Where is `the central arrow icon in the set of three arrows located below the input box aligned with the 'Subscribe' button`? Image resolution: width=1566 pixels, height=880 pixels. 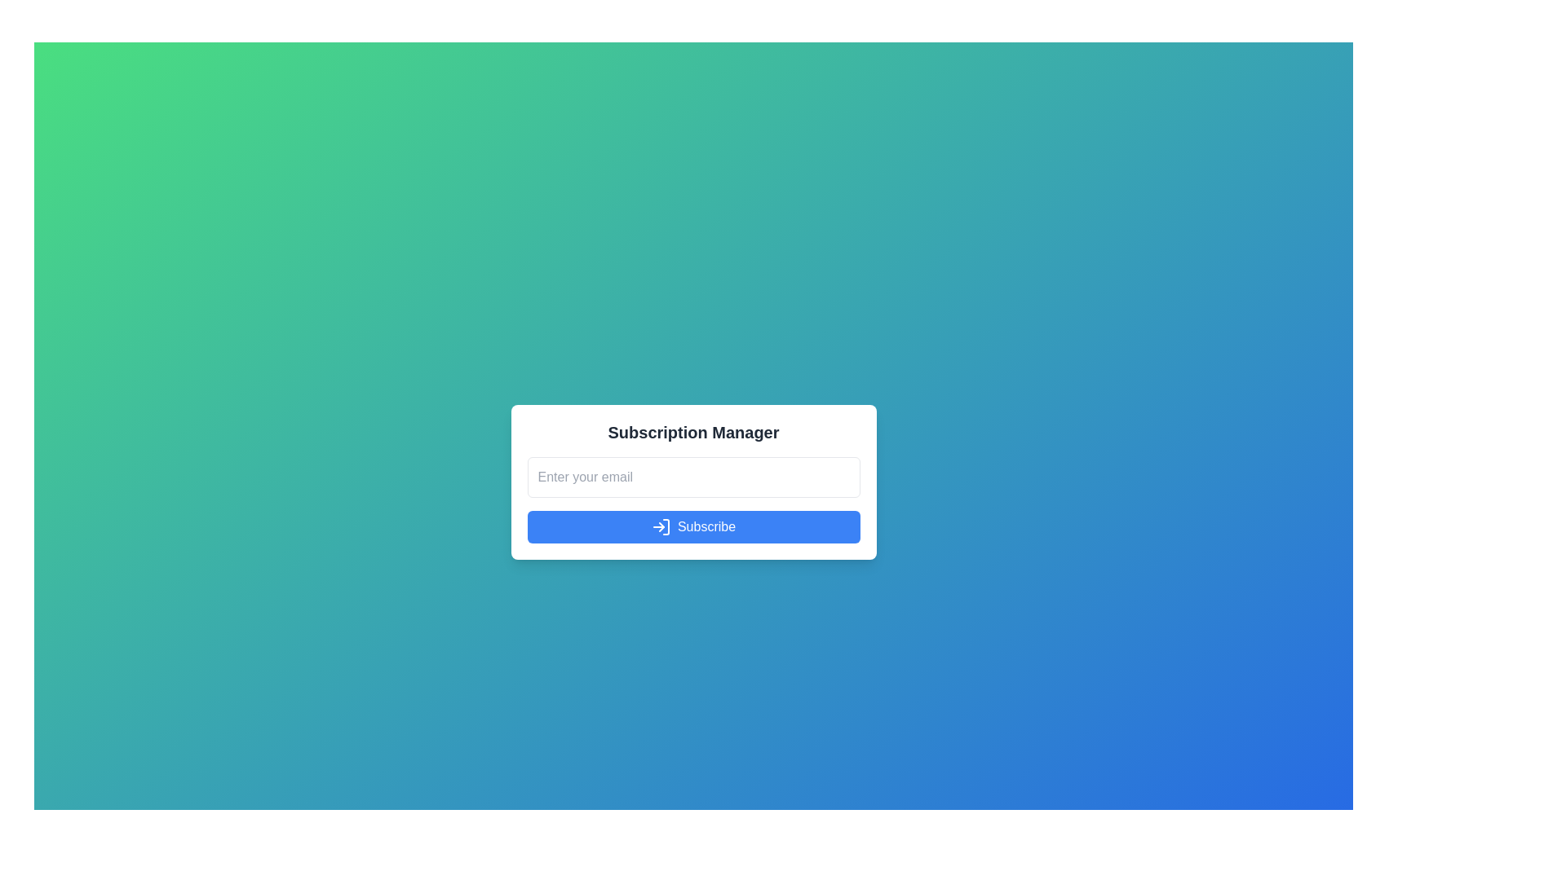 the central arrow icon in the set of three arrows located below the input box aligned with the 'Subscribe' button is located at coordinates (661, 527).